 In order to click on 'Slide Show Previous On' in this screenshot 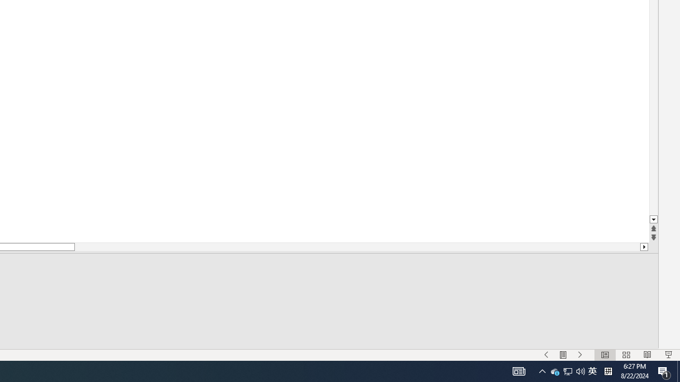, I will do `click(555, 370)`.